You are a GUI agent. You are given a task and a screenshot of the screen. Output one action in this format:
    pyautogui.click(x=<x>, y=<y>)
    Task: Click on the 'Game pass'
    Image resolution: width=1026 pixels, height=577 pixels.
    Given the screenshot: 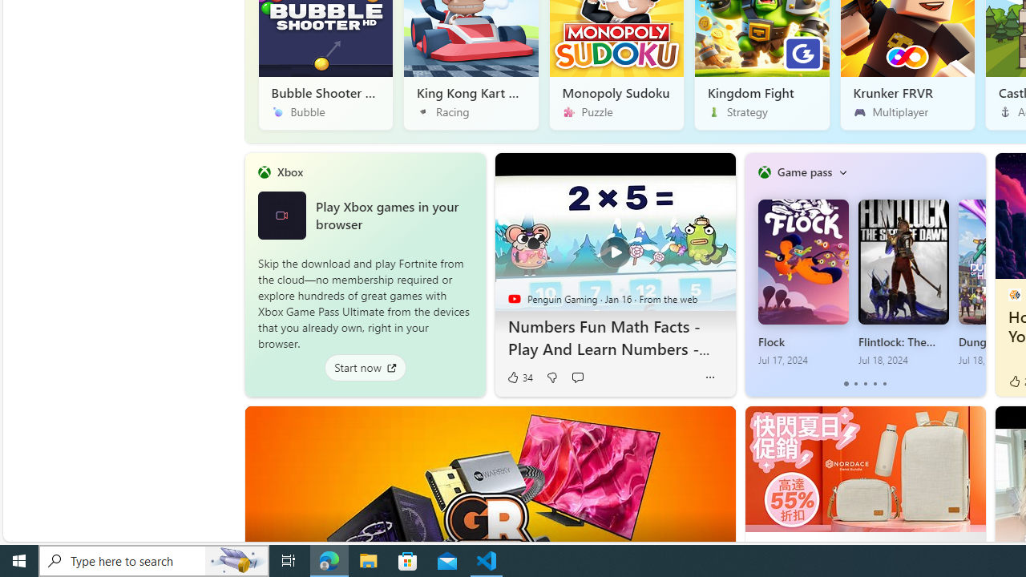 What is the action you would take?
    pyautogui.click(x=804, y=171)
    